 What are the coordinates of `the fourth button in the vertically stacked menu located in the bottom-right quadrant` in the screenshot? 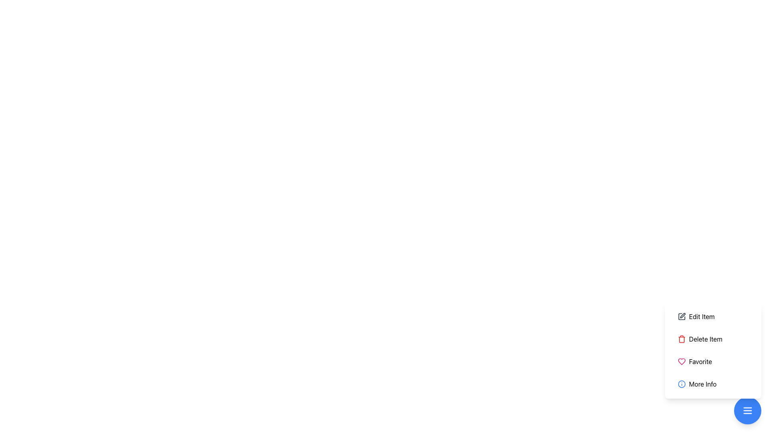 It's located at (713, 384).